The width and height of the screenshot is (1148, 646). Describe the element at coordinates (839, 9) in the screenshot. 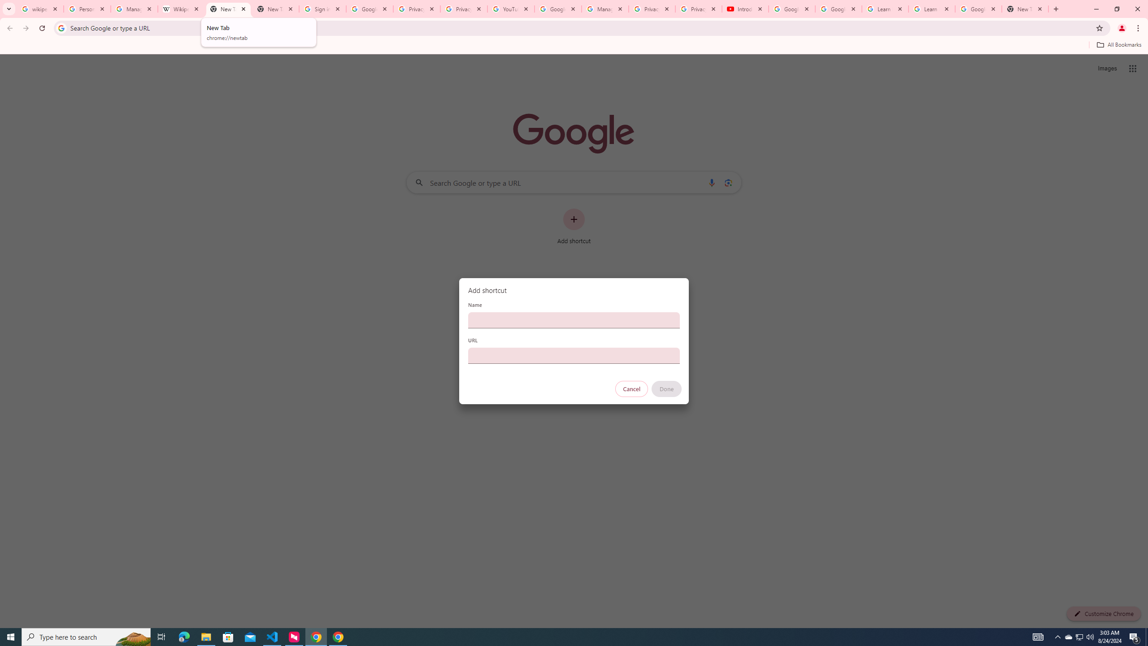

I see `'Google Account Help'` at that location.